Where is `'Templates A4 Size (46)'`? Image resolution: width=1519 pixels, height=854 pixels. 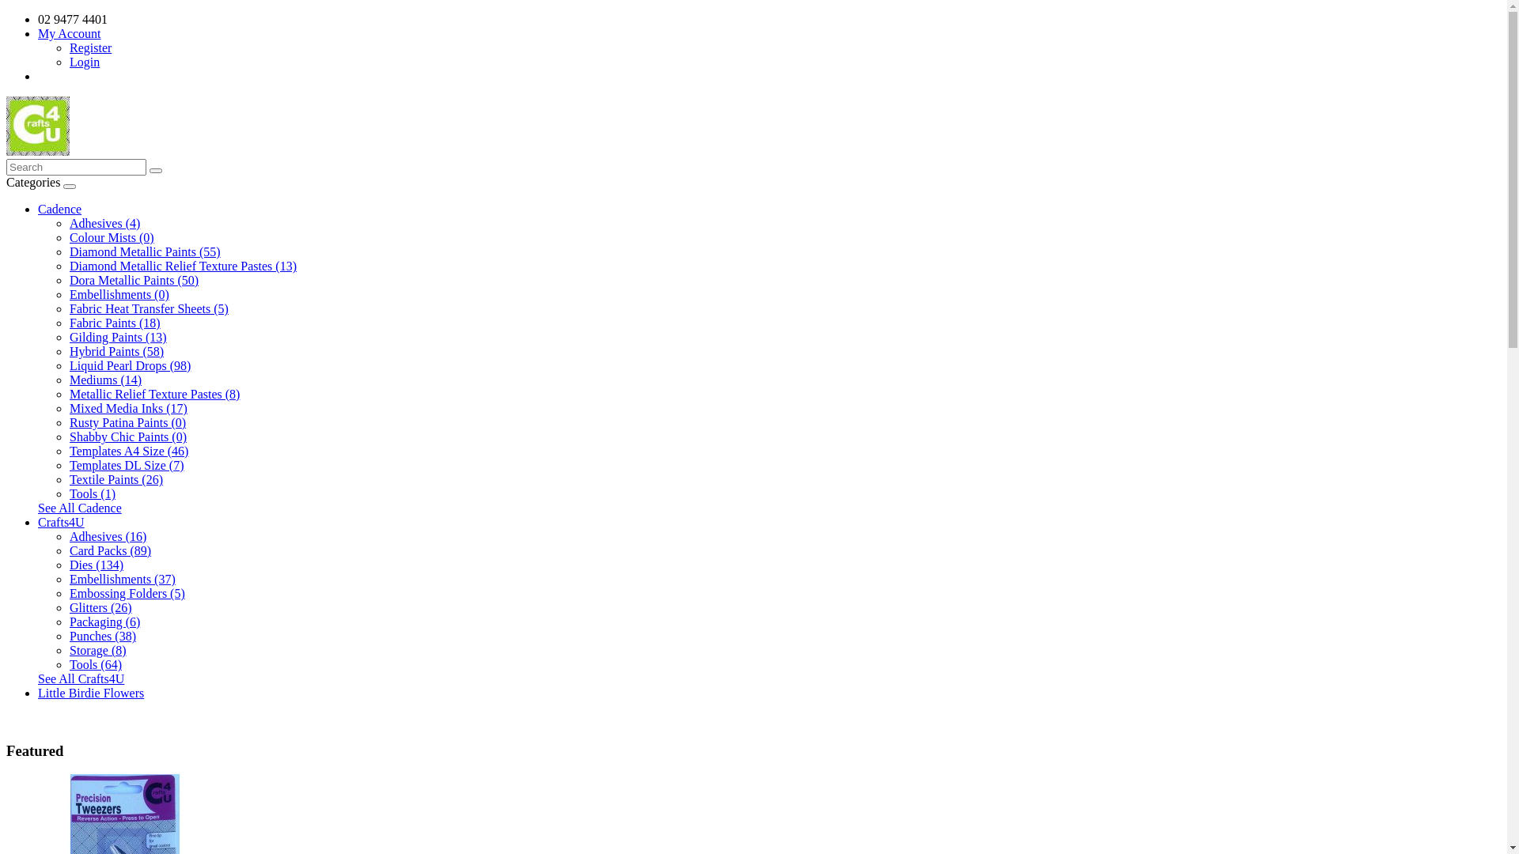 'Templates A4 Size (46)' is located at coordinates (129, 451).